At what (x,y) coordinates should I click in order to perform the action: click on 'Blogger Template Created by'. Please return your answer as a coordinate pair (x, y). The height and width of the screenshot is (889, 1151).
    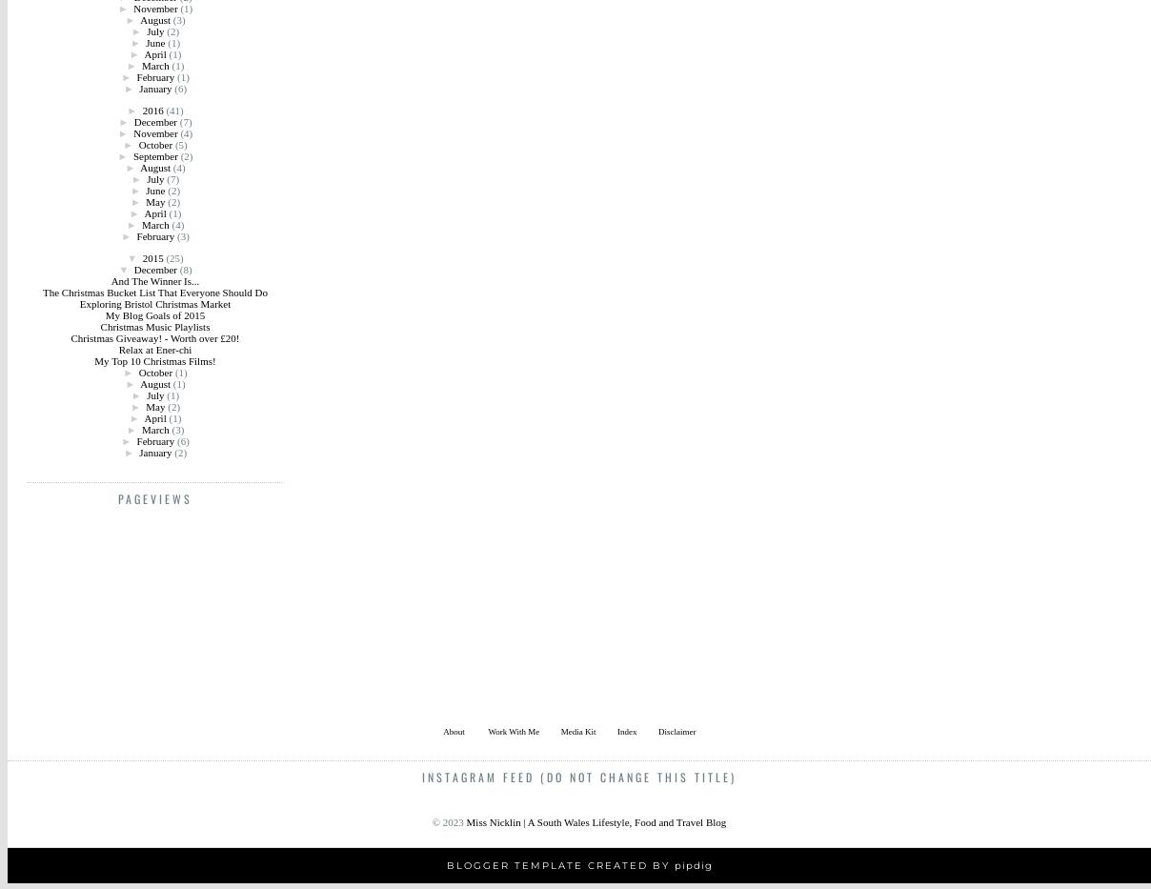
    Looking at the image, I should click on (445, 865).